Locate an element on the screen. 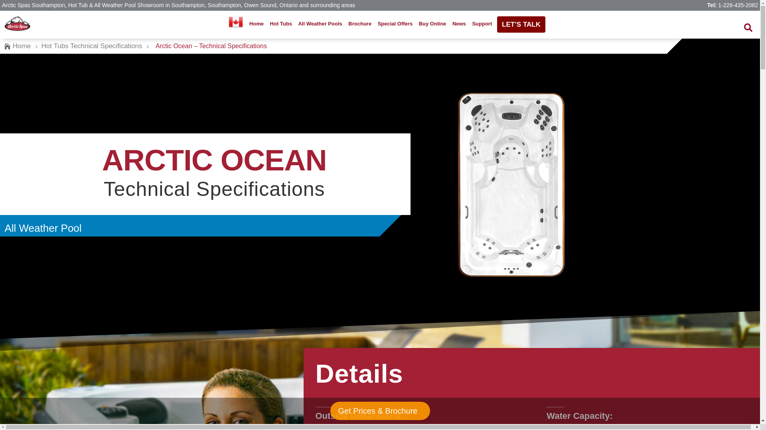  'Brochure' is located at coordinates (359, 23).